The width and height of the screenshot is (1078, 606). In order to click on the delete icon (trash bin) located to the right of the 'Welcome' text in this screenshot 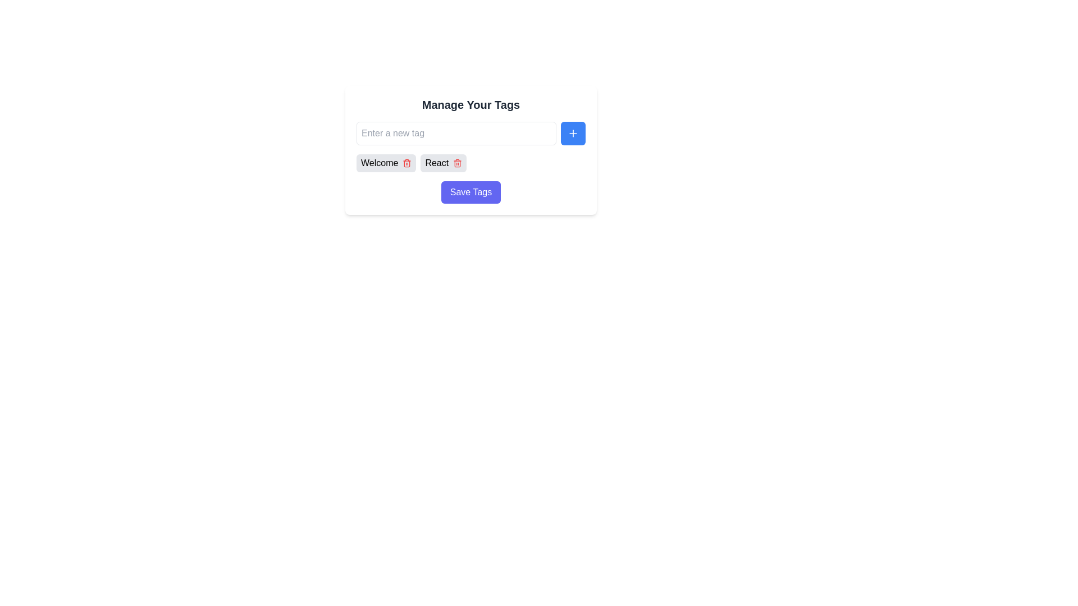, I will do `click(406, 163)`.